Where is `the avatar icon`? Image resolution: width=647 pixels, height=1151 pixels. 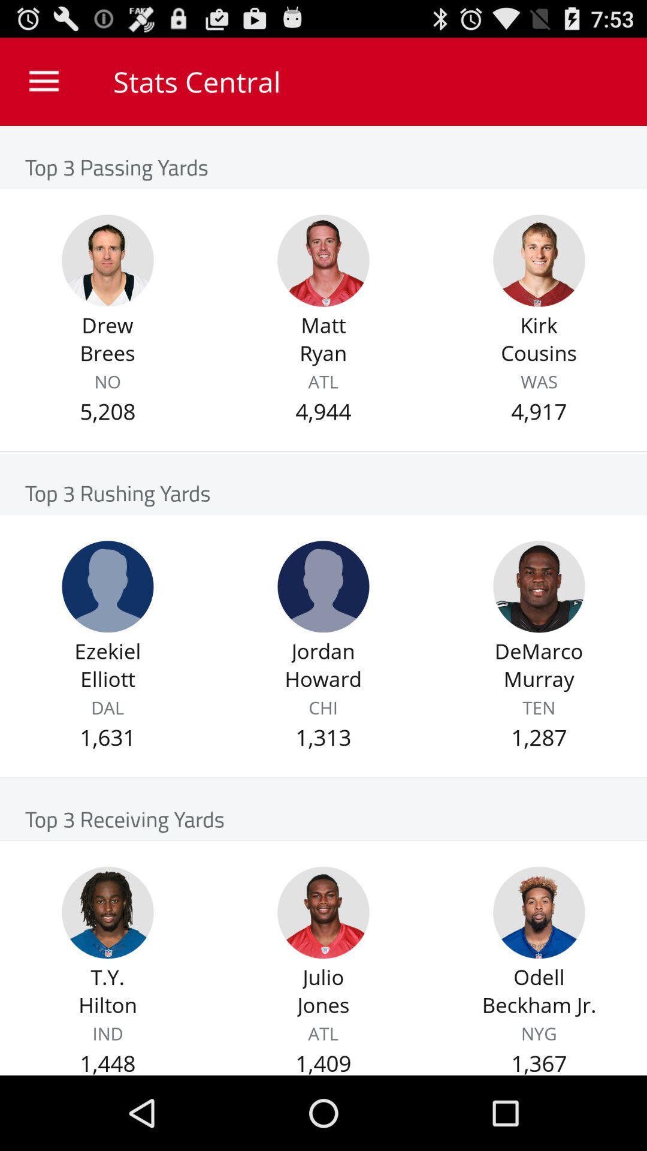 the avatar icon is located at coordinates (108, 627).